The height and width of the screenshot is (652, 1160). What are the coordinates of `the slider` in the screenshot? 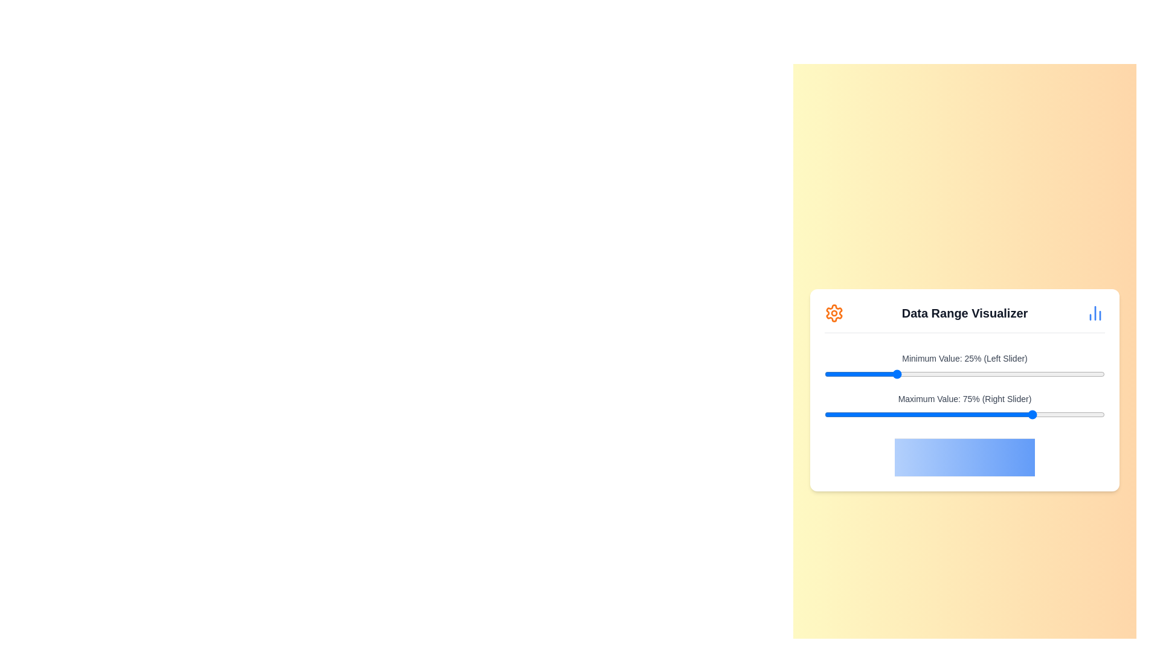 It's located at (1031, 414).